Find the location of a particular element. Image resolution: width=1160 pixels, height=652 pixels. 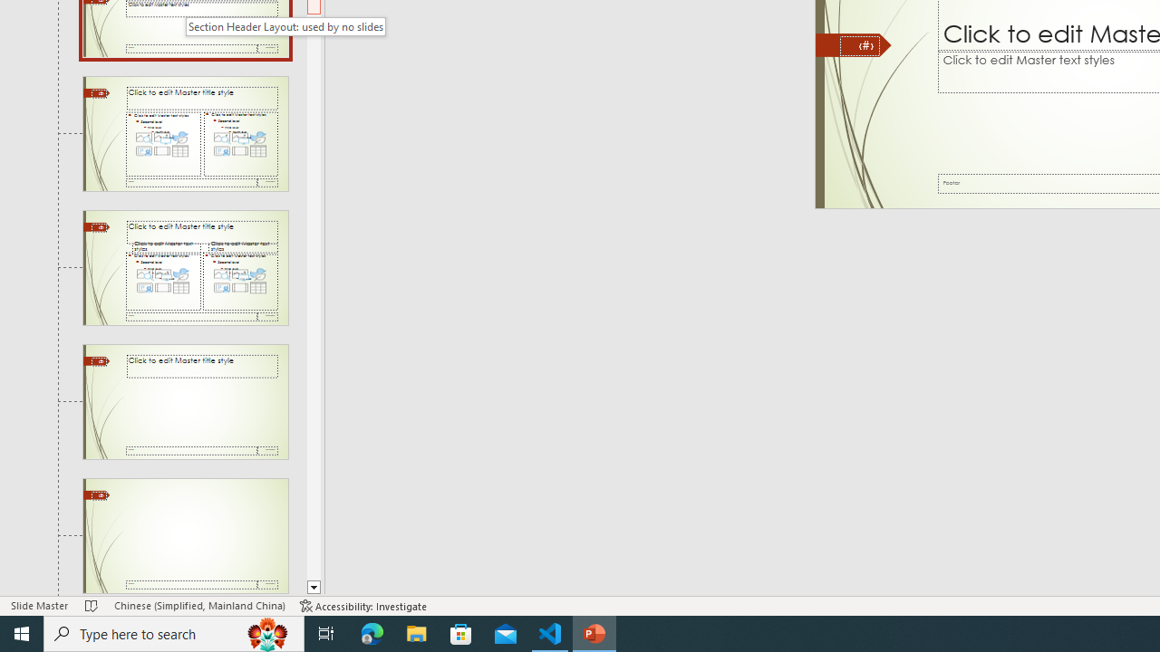

'Slide Title Only Layout: used by no slides' is located at coordinates (185, 400).